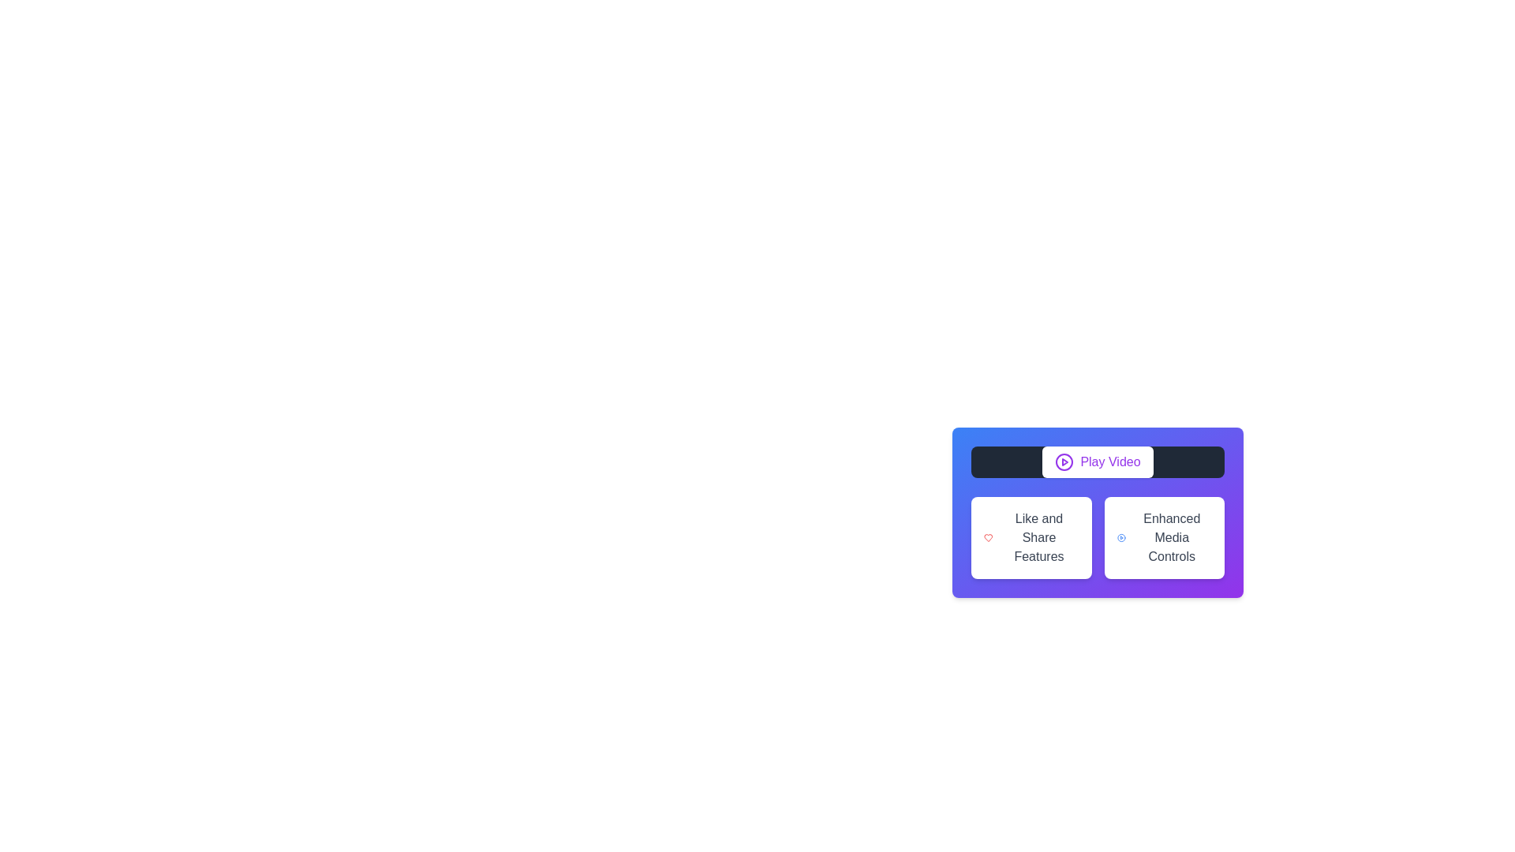  What do you see at coordinates (1064, 461) in the screenshot?
I see `the circular icon with a play symbol in its center, which has a purple border and white interior, located within the 'Play Video' button` at bounding box center [1064, 461].